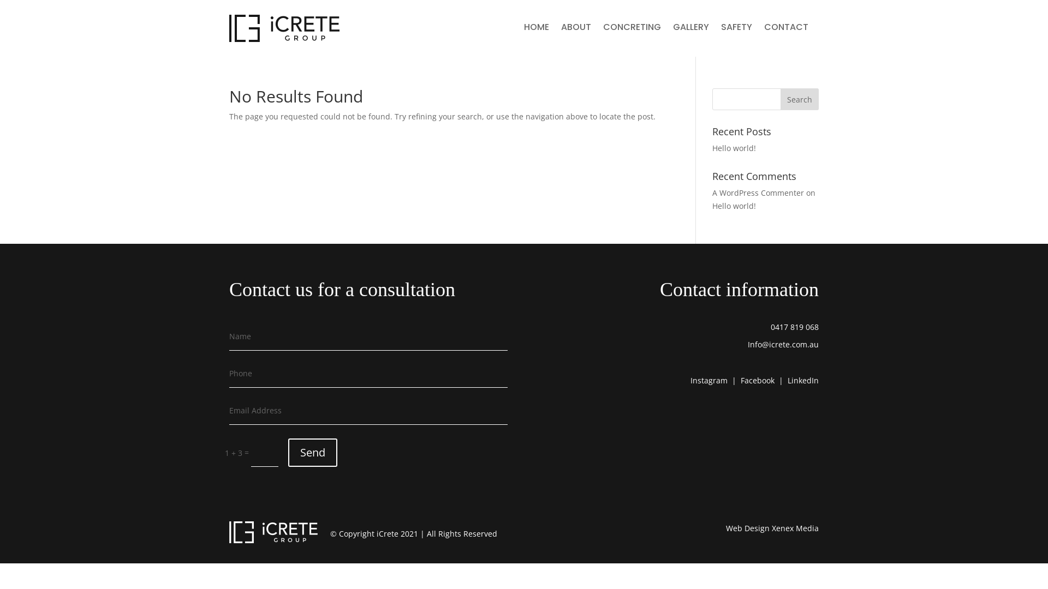 The height and width of the screenshot is (589, 1048). I want to click on 'GALLERY', so click(672, 29).